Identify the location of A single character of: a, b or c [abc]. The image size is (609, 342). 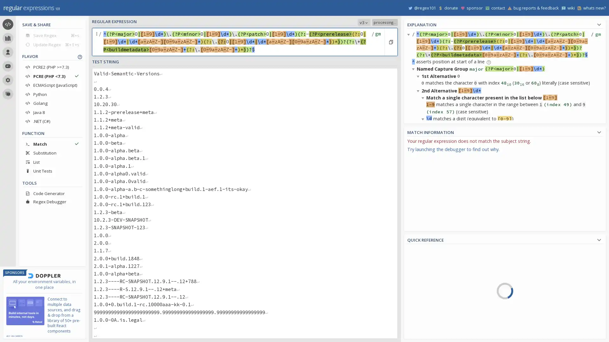
(536, 250).